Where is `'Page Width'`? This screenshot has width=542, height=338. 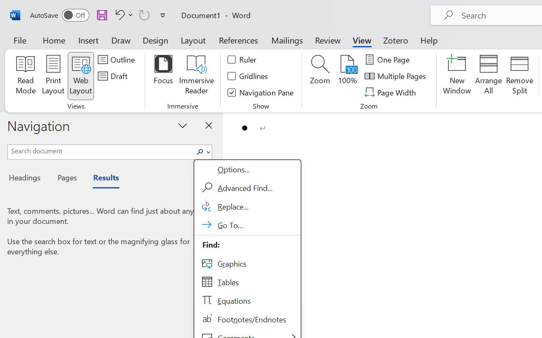
'Page Width' is located at coordinates (391, 92).